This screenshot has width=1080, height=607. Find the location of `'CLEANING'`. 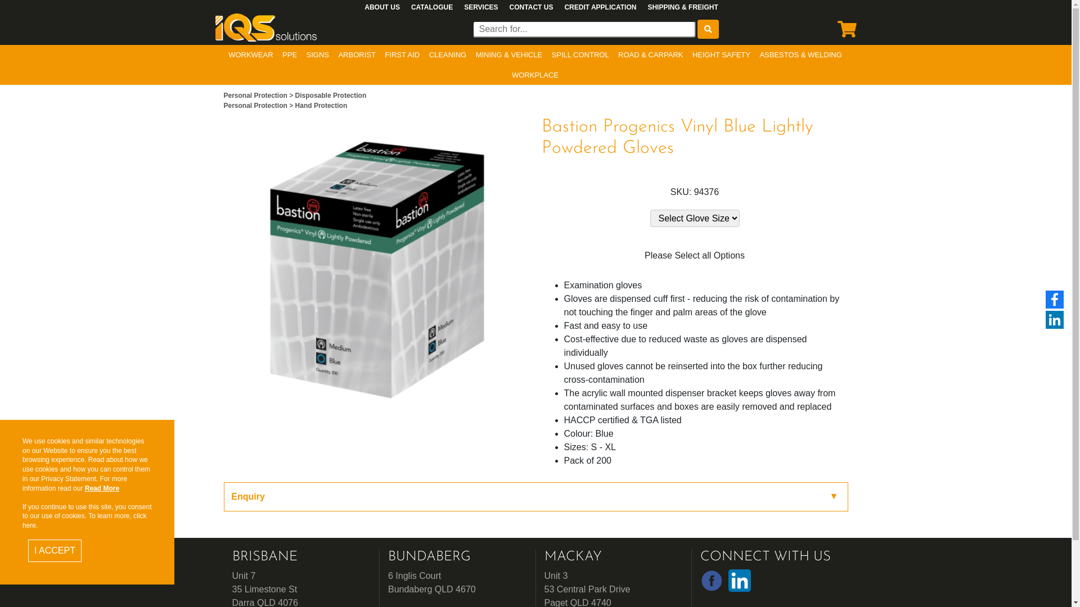

'CLEANING' is located at coordinates (447, 55).